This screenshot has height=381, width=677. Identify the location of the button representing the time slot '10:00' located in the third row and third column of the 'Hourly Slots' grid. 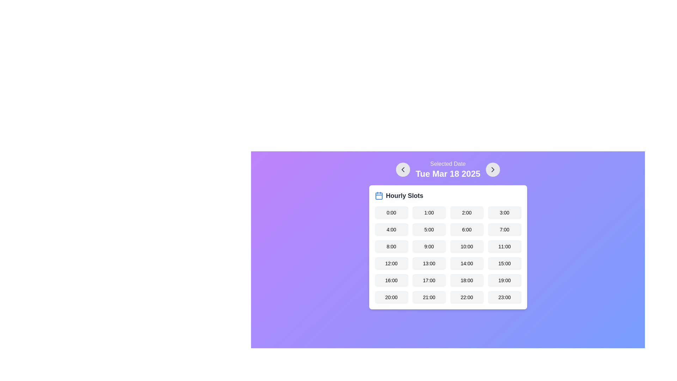
(467, 246).